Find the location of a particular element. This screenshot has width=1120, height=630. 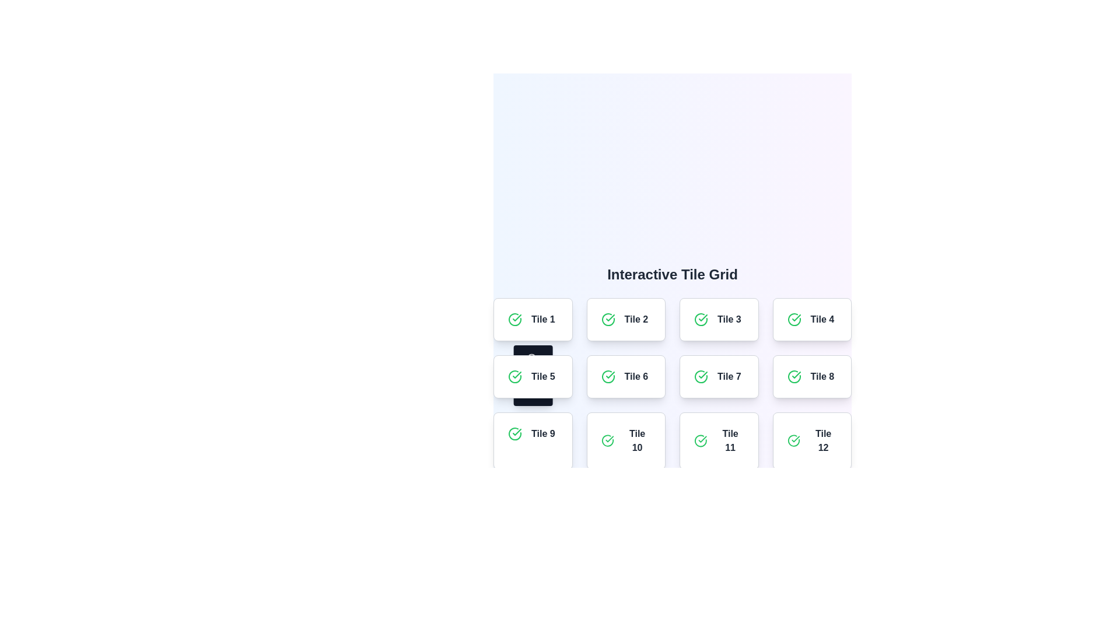

on the card titled 'Tile 7' with a white background and a green checkmark icon, located in the middle row, third column of the grid is located at coordinates (718, 376).